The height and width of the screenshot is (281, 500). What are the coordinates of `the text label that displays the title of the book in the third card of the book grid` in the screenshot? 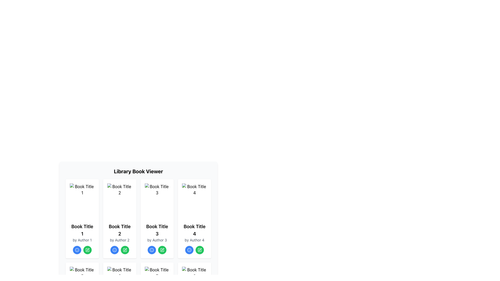 It's located at (157, 230).